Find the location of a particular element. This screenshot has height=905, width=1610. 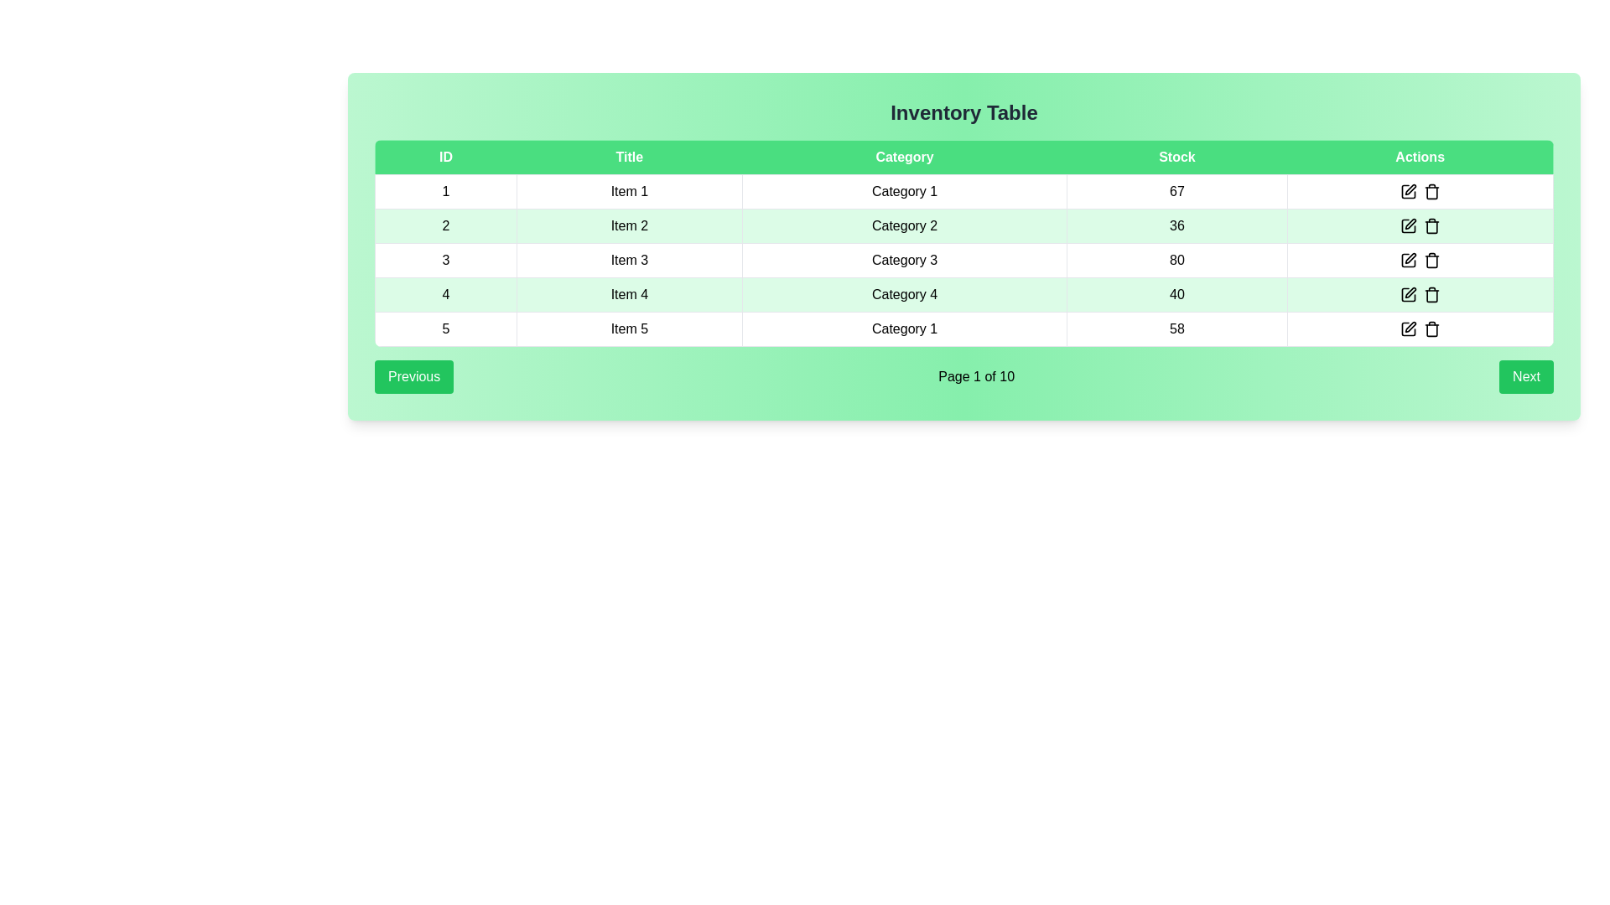

the Text label in the first row of the table, located in the 'ID' column, which serves as the unique identifier for this row is located at coordinates (445, 190).